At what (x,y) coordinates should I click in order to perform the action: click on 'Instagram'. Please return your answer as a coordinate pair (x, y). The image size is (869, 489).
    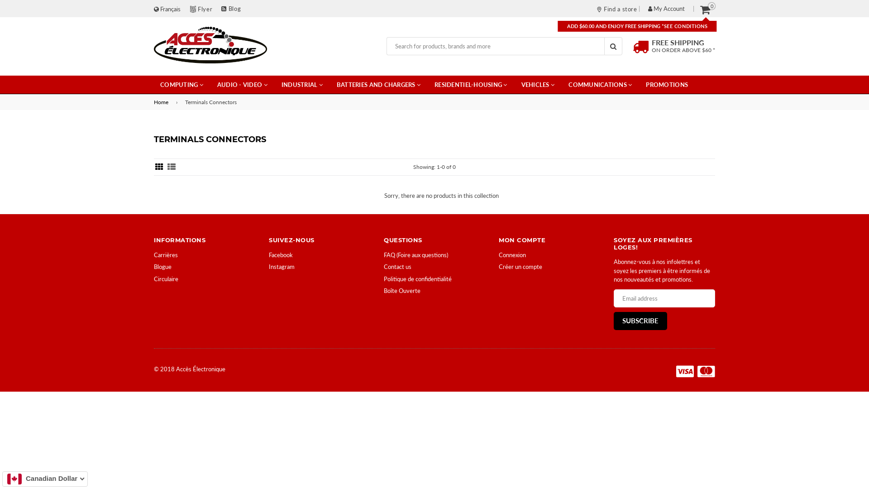
    Looking at the image, I should click on (281, 266).